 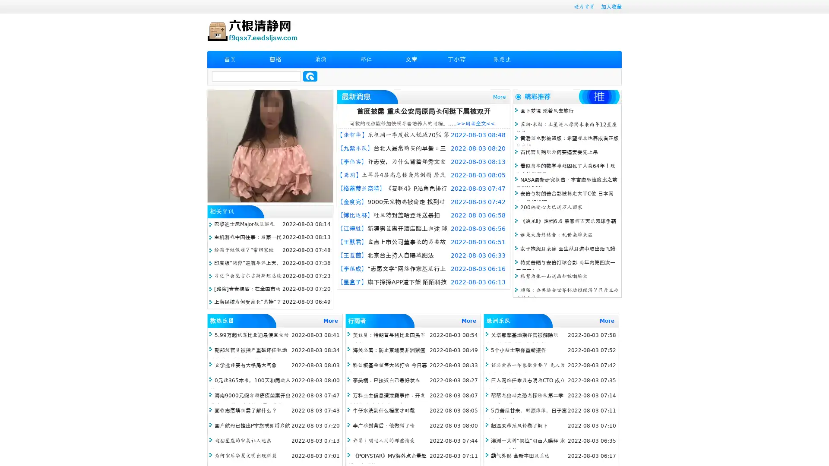 What do you see at coordinates (310, 76) in the screenshot?
I see `Search` at bounding box center [310, 76].